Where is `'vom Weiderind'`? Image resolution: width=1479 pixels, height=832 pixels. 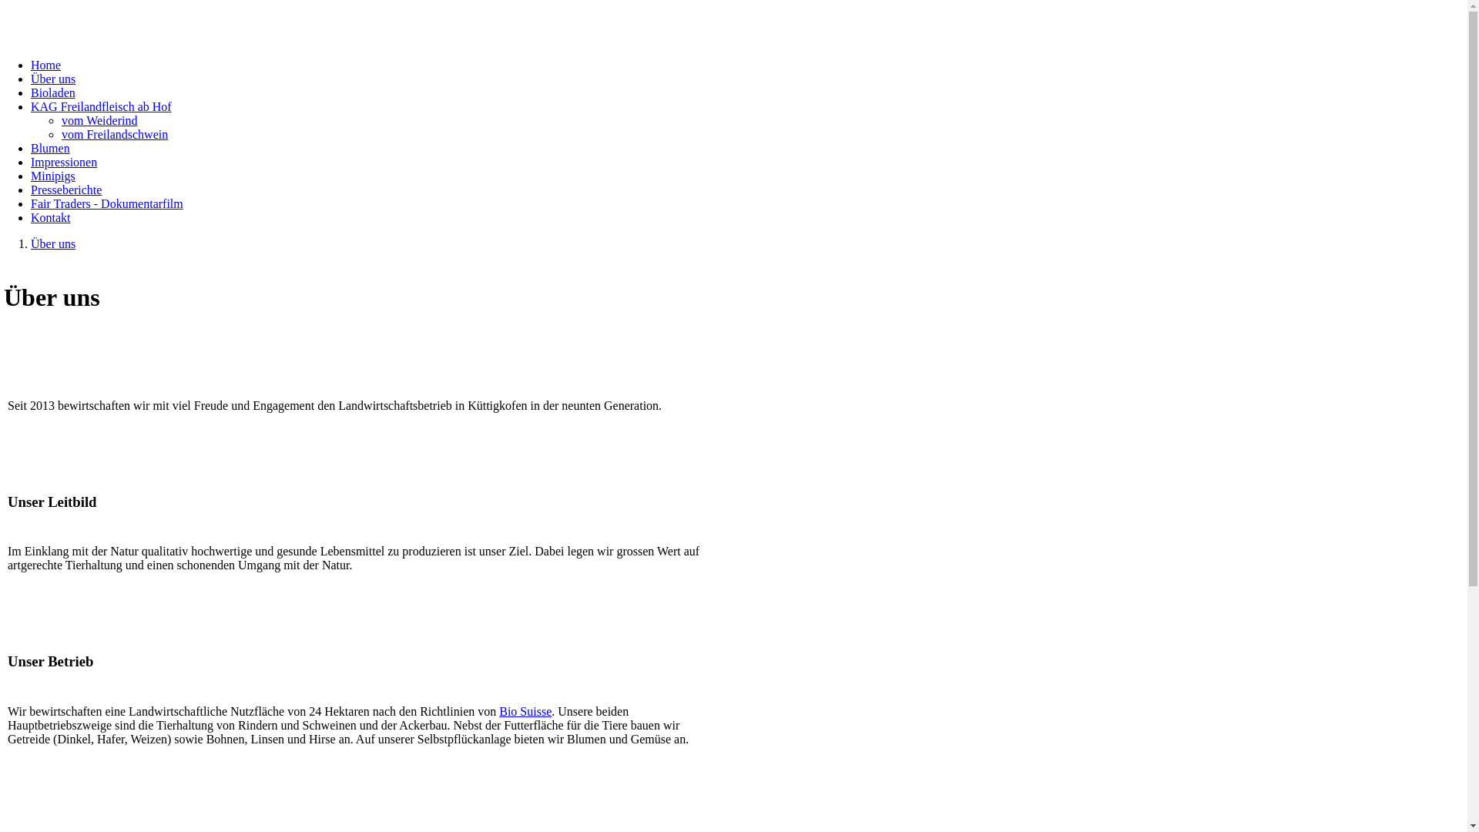 'vom Weiderind' is located at coordinates (99, 119).